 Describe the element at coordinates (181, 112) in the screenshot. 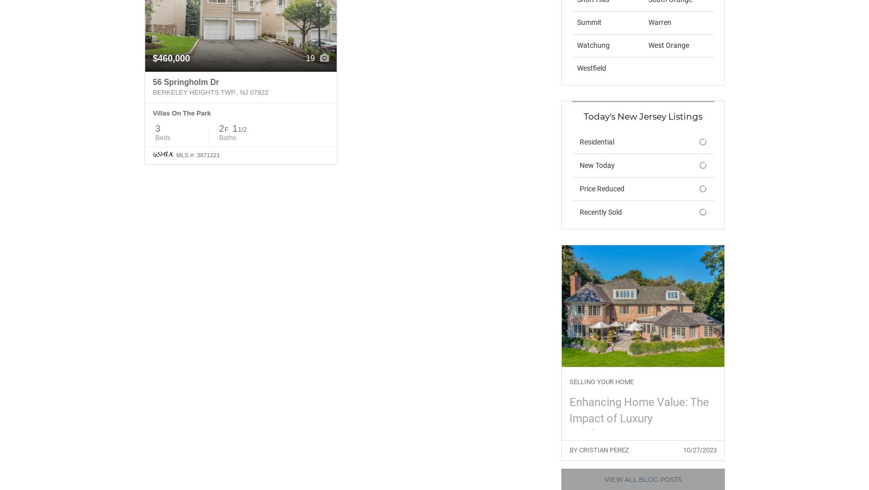

I see `'Villas On The Park'` at that location.